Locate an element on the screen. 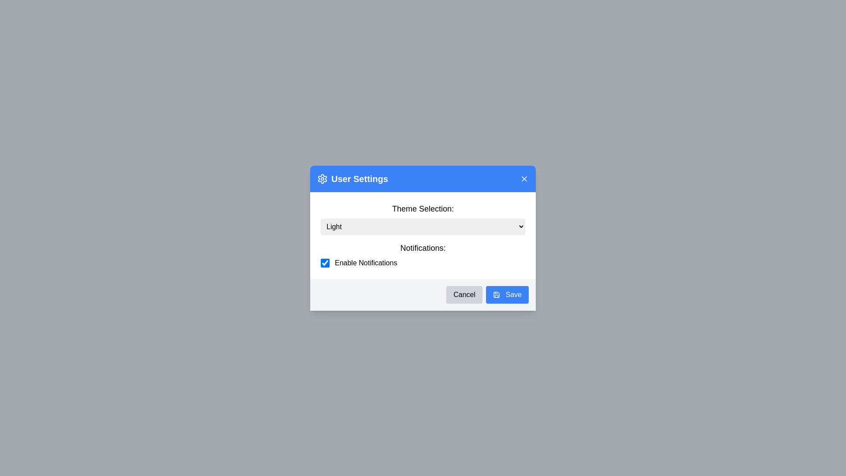  the dropdown menu labeled 'Light' in the Theme Selection section is located at coordinates (423, 226).